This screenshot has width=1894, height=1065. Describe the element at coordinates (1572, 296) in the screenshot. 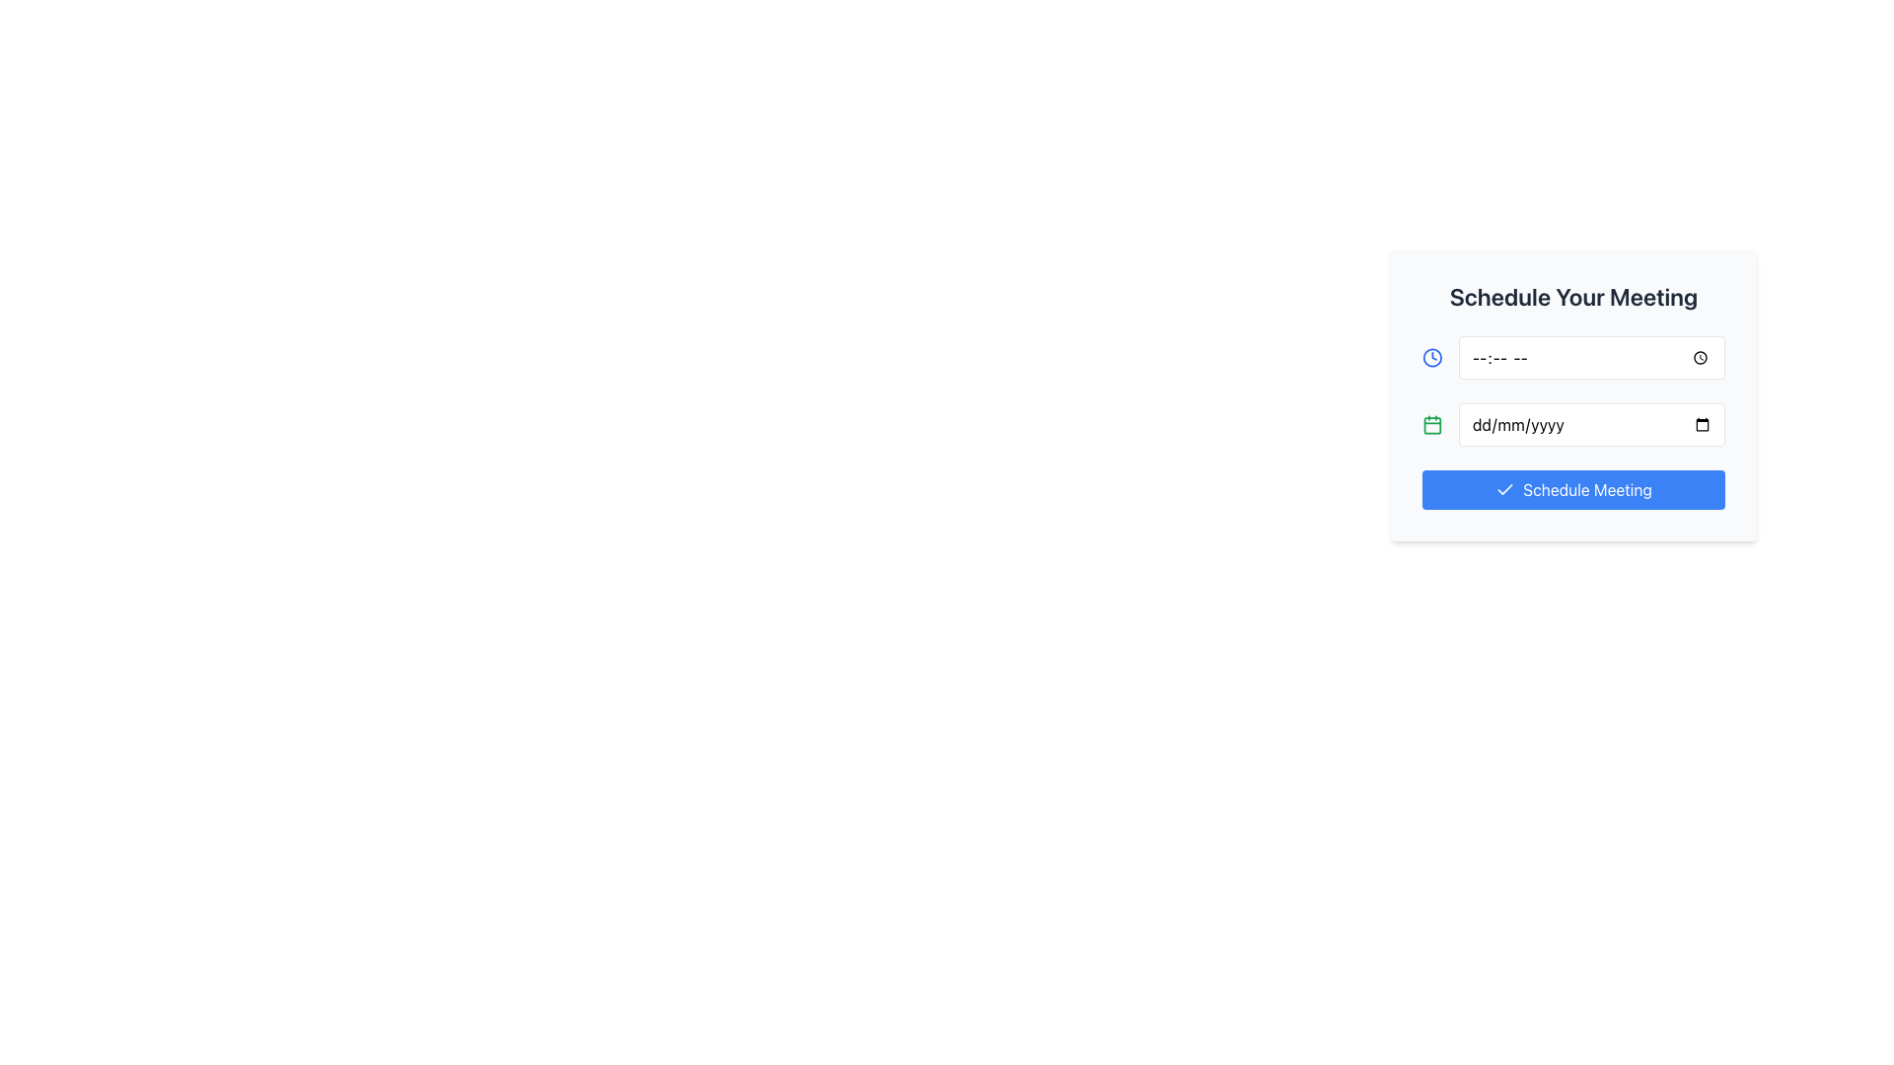

I see `the static text element that displays 'Schedule Your Meeting', prominently styled in a large, bold sans-serif font, located at the top of a card layout` at that location.